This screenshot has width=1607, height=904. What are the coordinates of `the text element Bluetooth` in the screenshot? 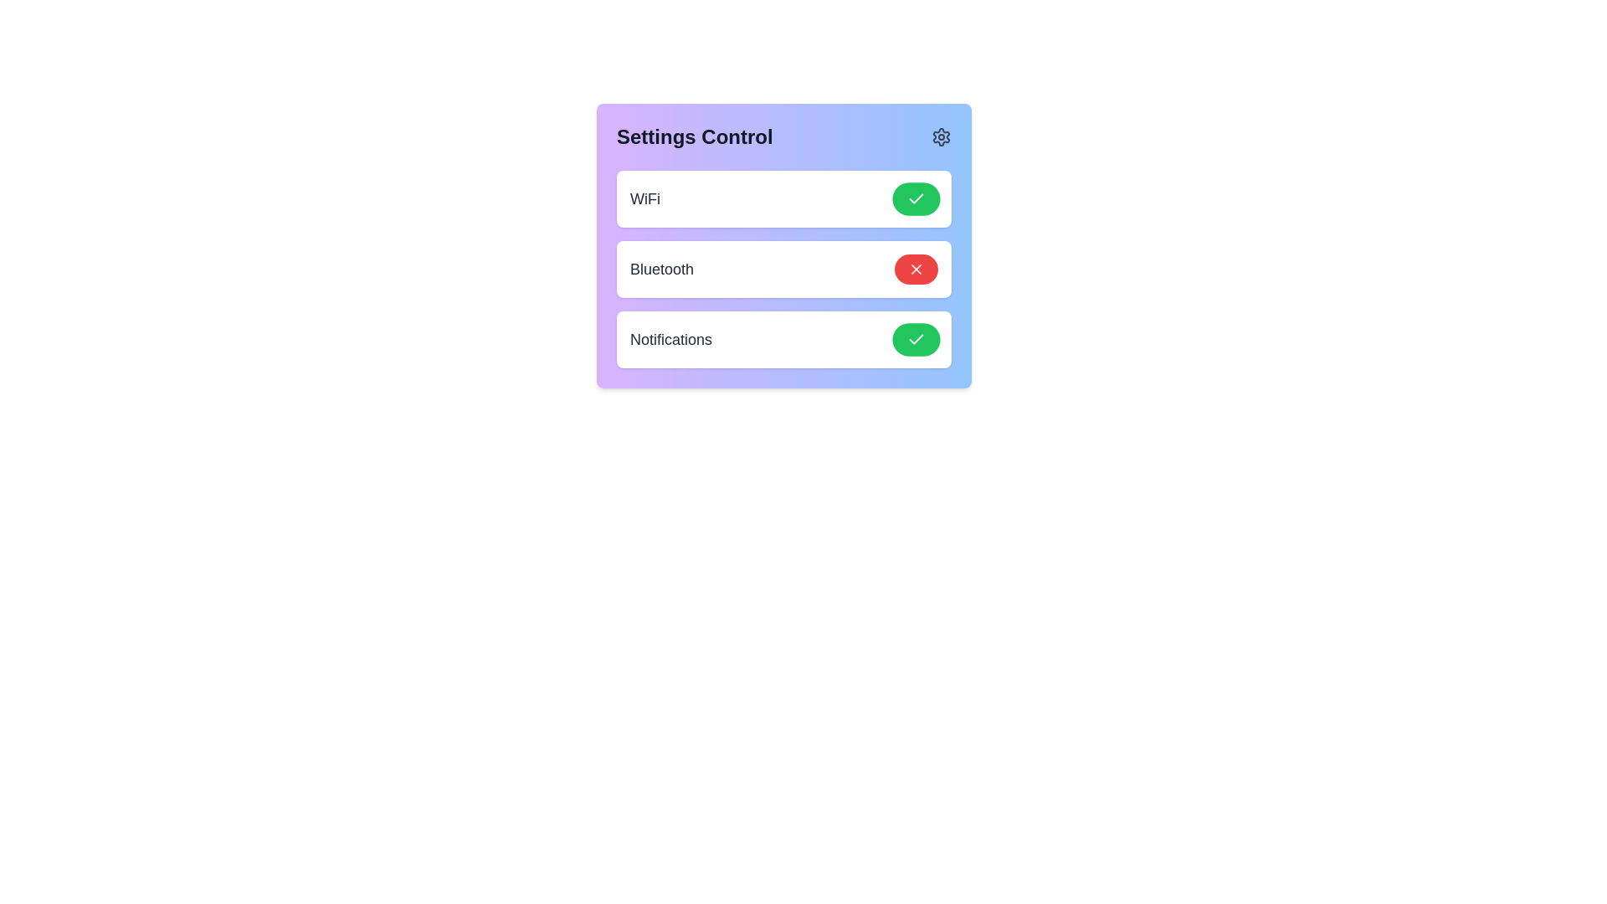 It's located at (661, 268).